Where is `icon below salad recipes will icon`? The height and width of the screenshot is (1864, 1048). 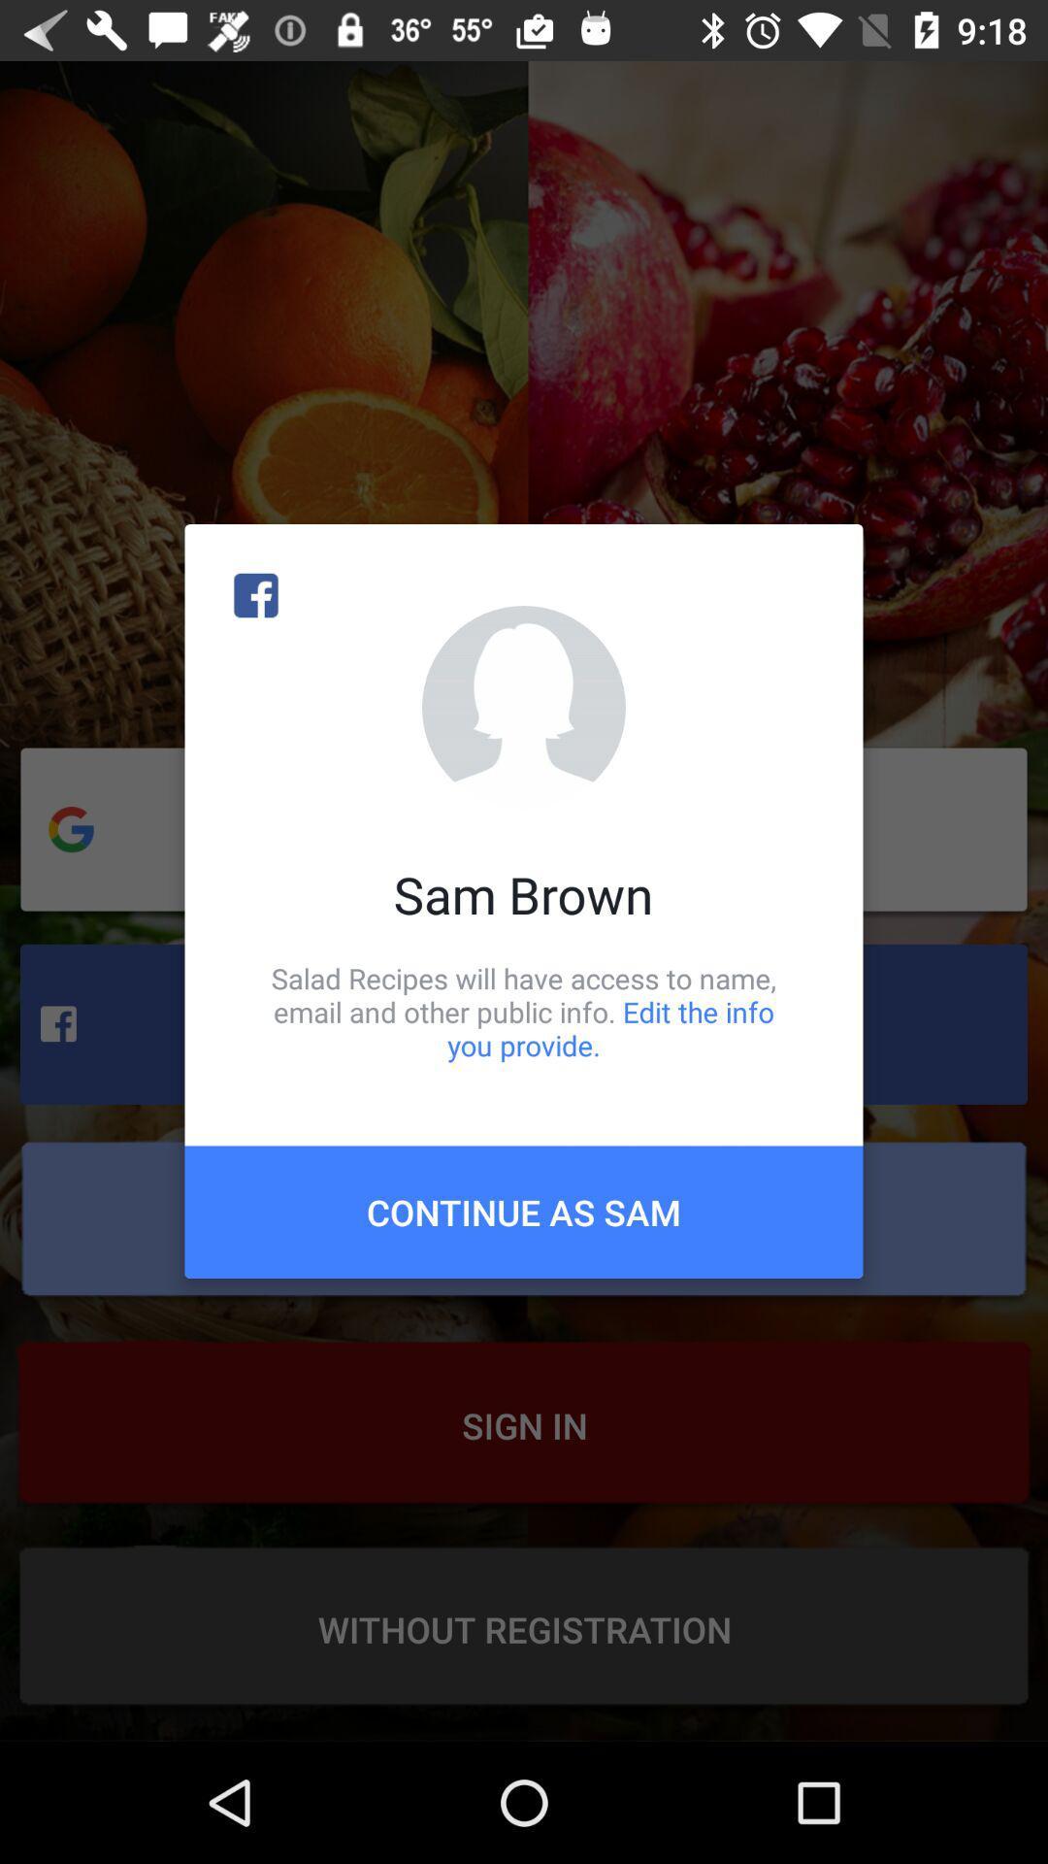
icon below salad recipes will icon is located at coordinates (524, 1211).